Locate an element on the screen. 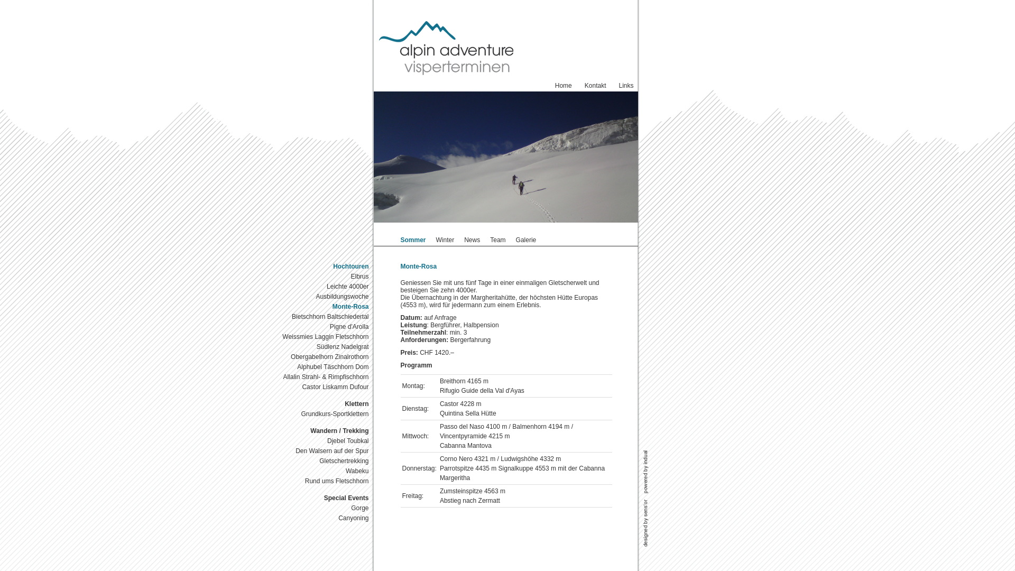  'Obergabelhorn Zinalrothorn' is located at coordinates (322, 357).